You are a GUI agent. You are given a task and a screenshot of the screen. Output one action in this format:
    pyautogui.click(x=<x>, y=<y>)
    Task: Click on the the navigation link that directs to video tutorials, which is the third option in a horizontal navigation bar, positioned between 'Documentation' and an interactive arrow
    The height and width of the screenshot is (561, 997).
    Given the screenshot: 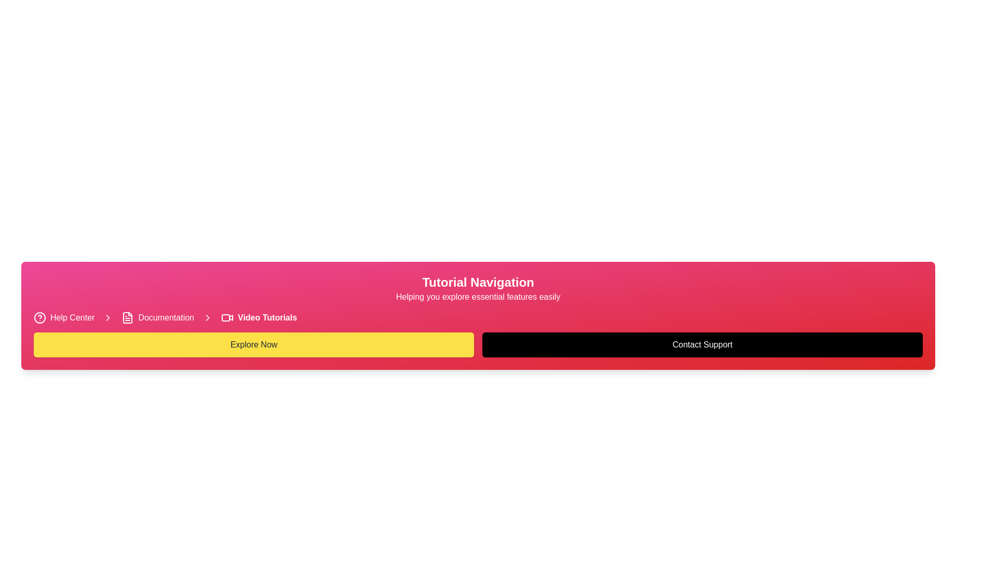 What is the action you would take?
    pyautogui.click(x=259, y=317)
    